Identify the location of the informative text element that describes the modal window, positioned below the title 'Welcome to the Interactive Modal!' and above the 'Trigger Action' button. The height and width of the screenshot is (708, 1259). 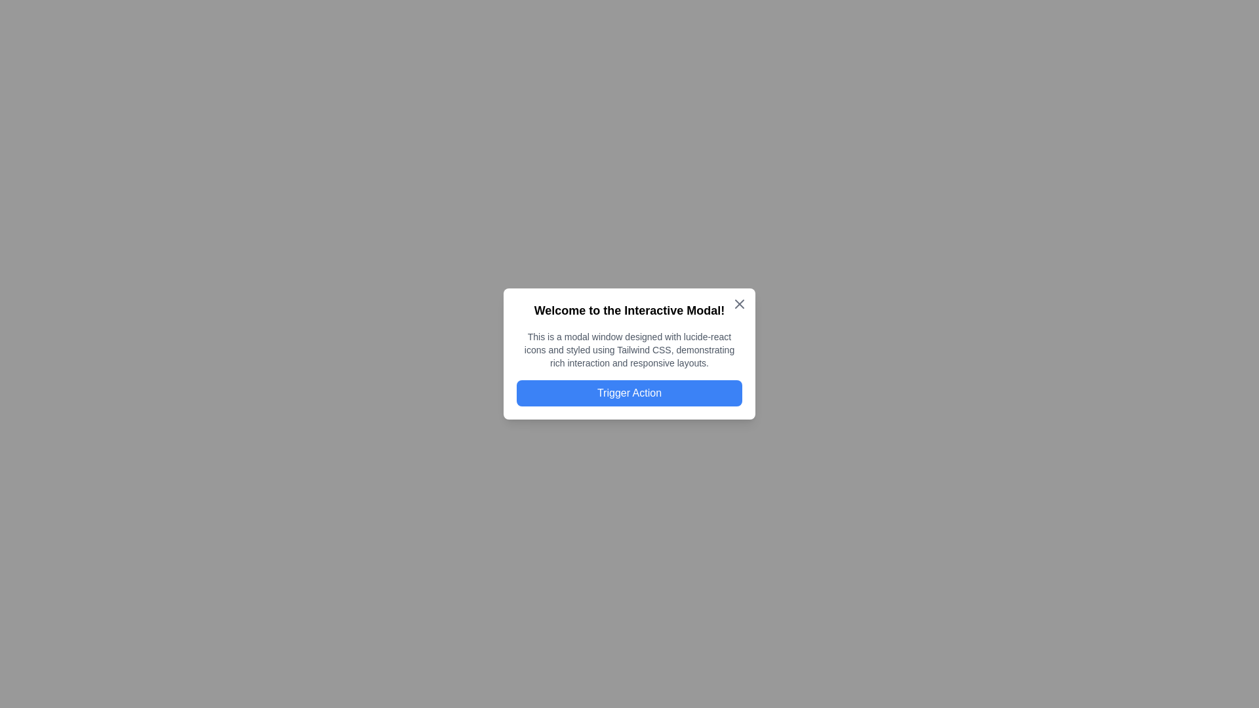
(629, 349).